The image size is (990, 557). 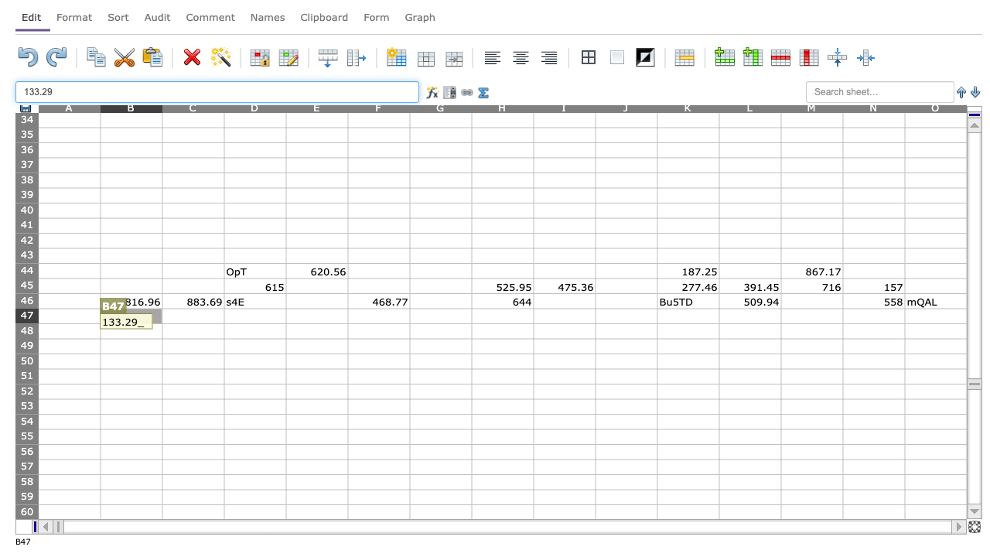 I want to click on Lower right of C59, so click(x=224, y=504).